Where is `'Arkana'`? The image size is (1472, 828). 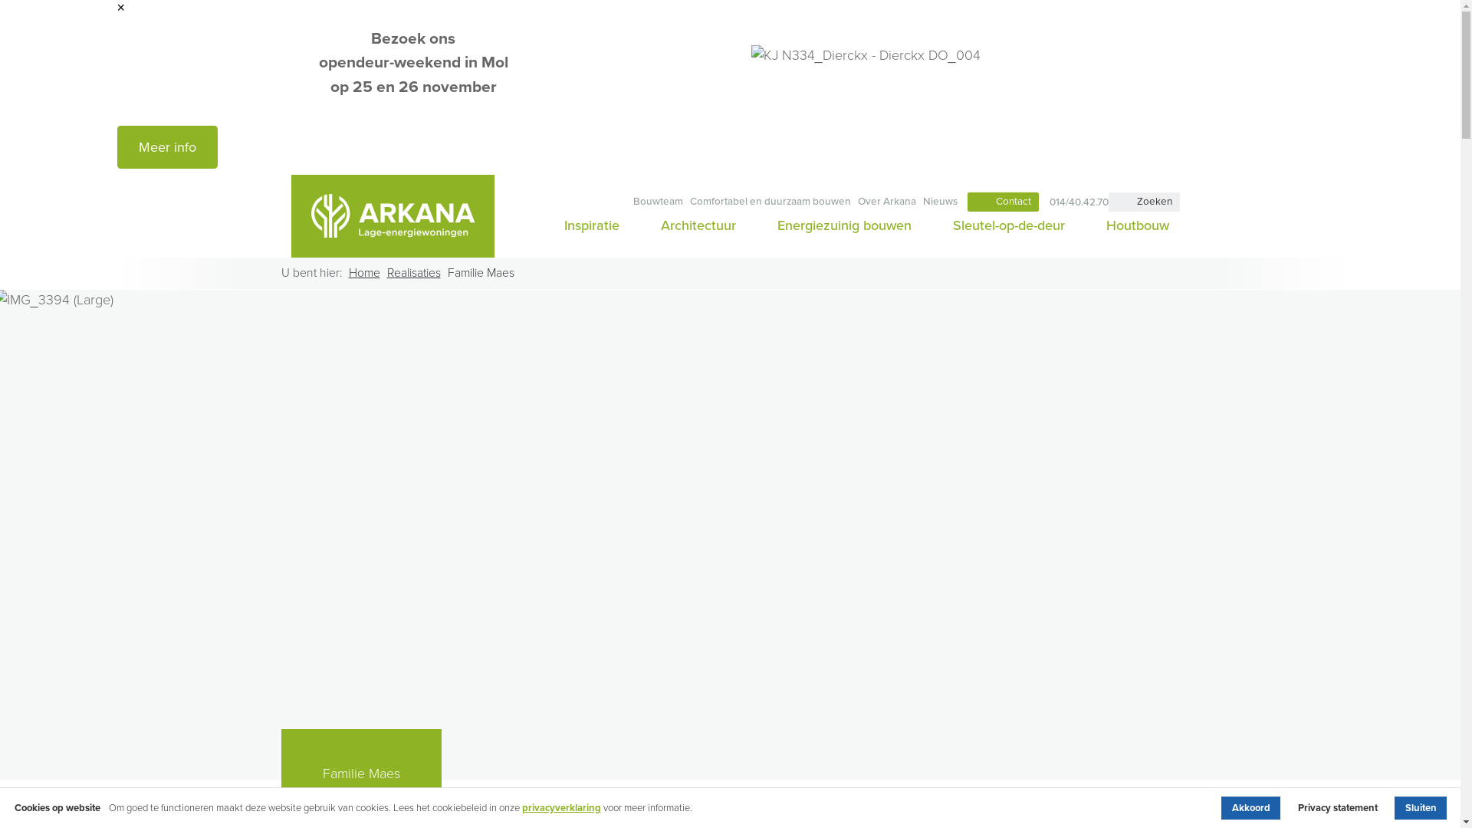
'Arkana' is located at coordinates (291, 215).